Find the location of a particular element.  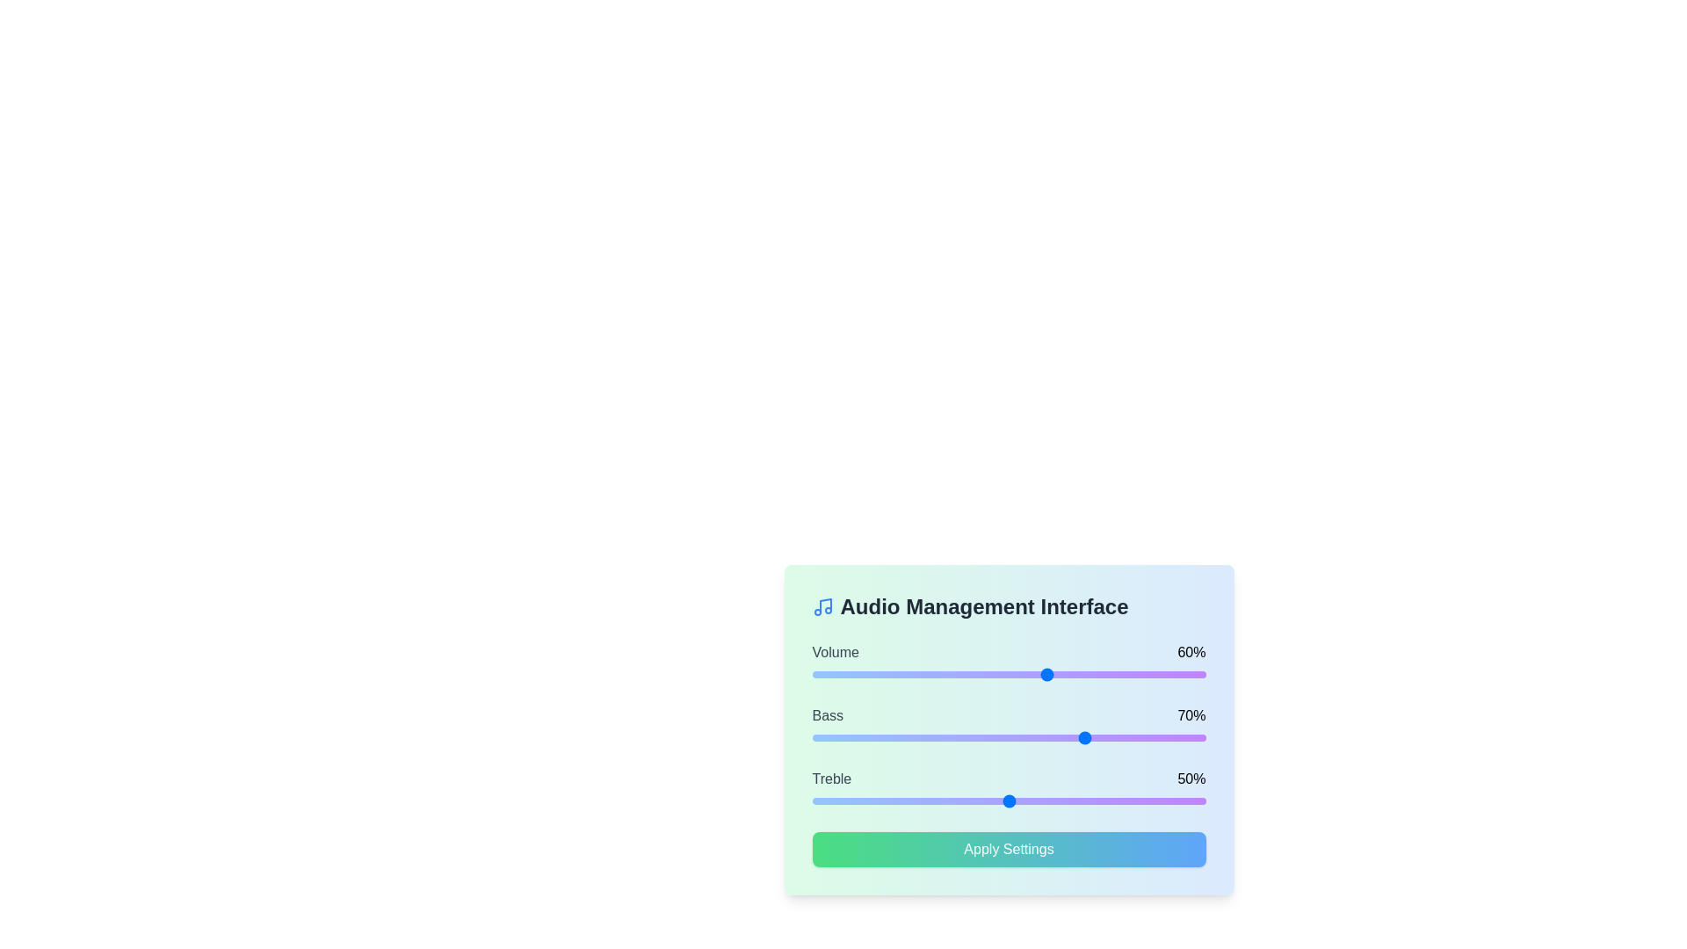

the treble level is located at coordinates (1139, 800).